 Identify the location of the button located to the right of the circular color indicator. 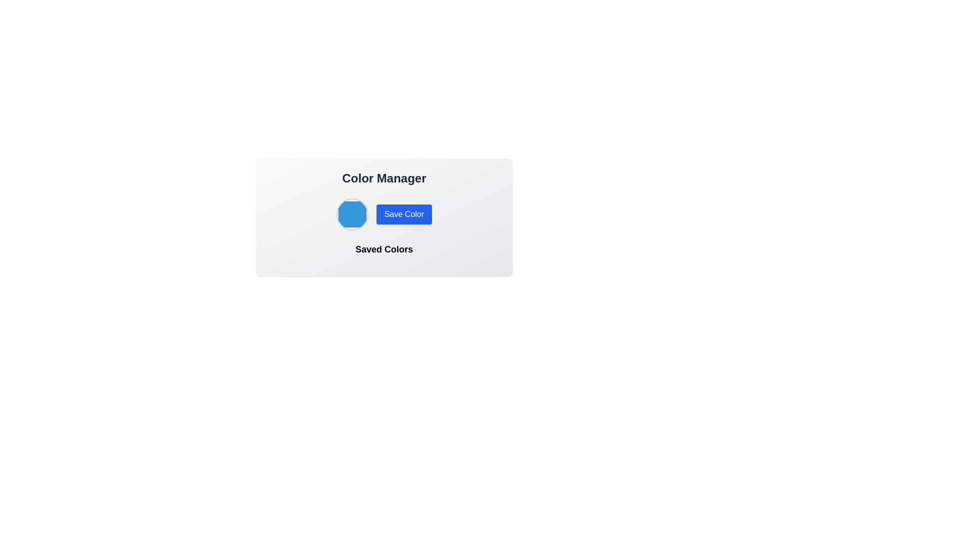
(404, 213).